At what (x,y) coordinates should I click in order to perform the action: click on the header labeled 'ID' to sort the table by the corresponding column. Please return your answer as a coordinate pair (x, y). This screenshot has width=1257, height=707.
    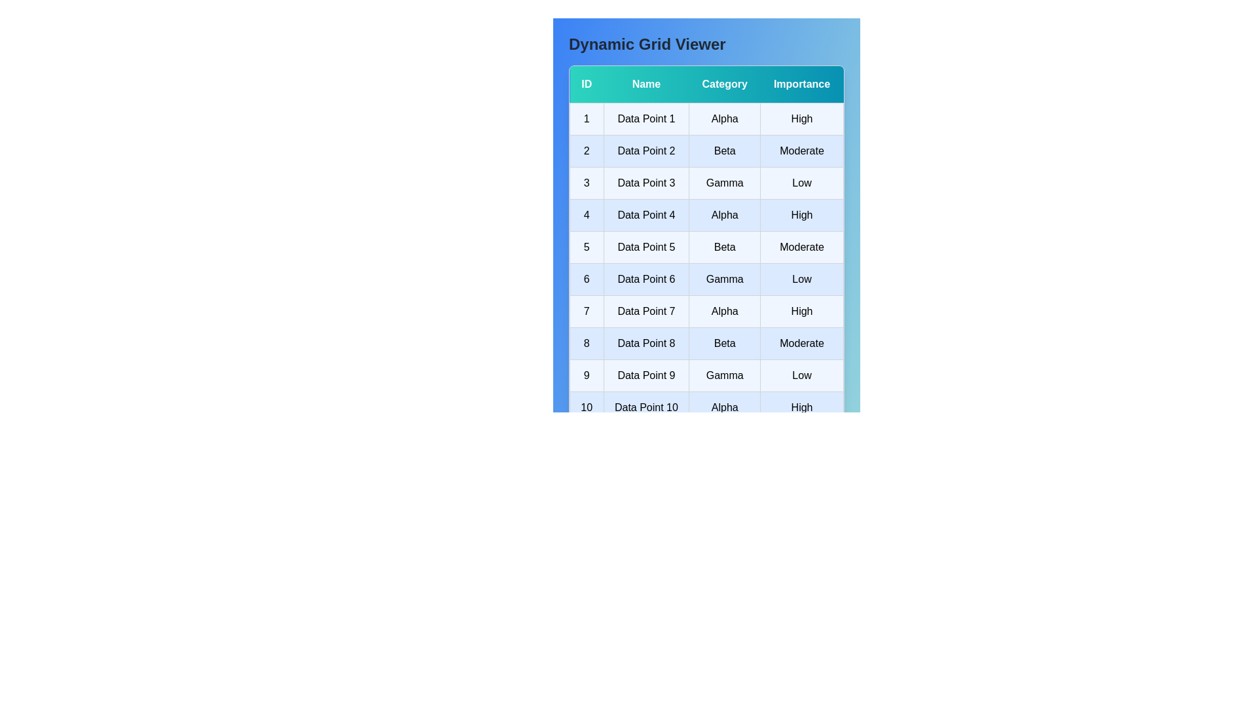
    Looking at the image, I should click on (586, 84).